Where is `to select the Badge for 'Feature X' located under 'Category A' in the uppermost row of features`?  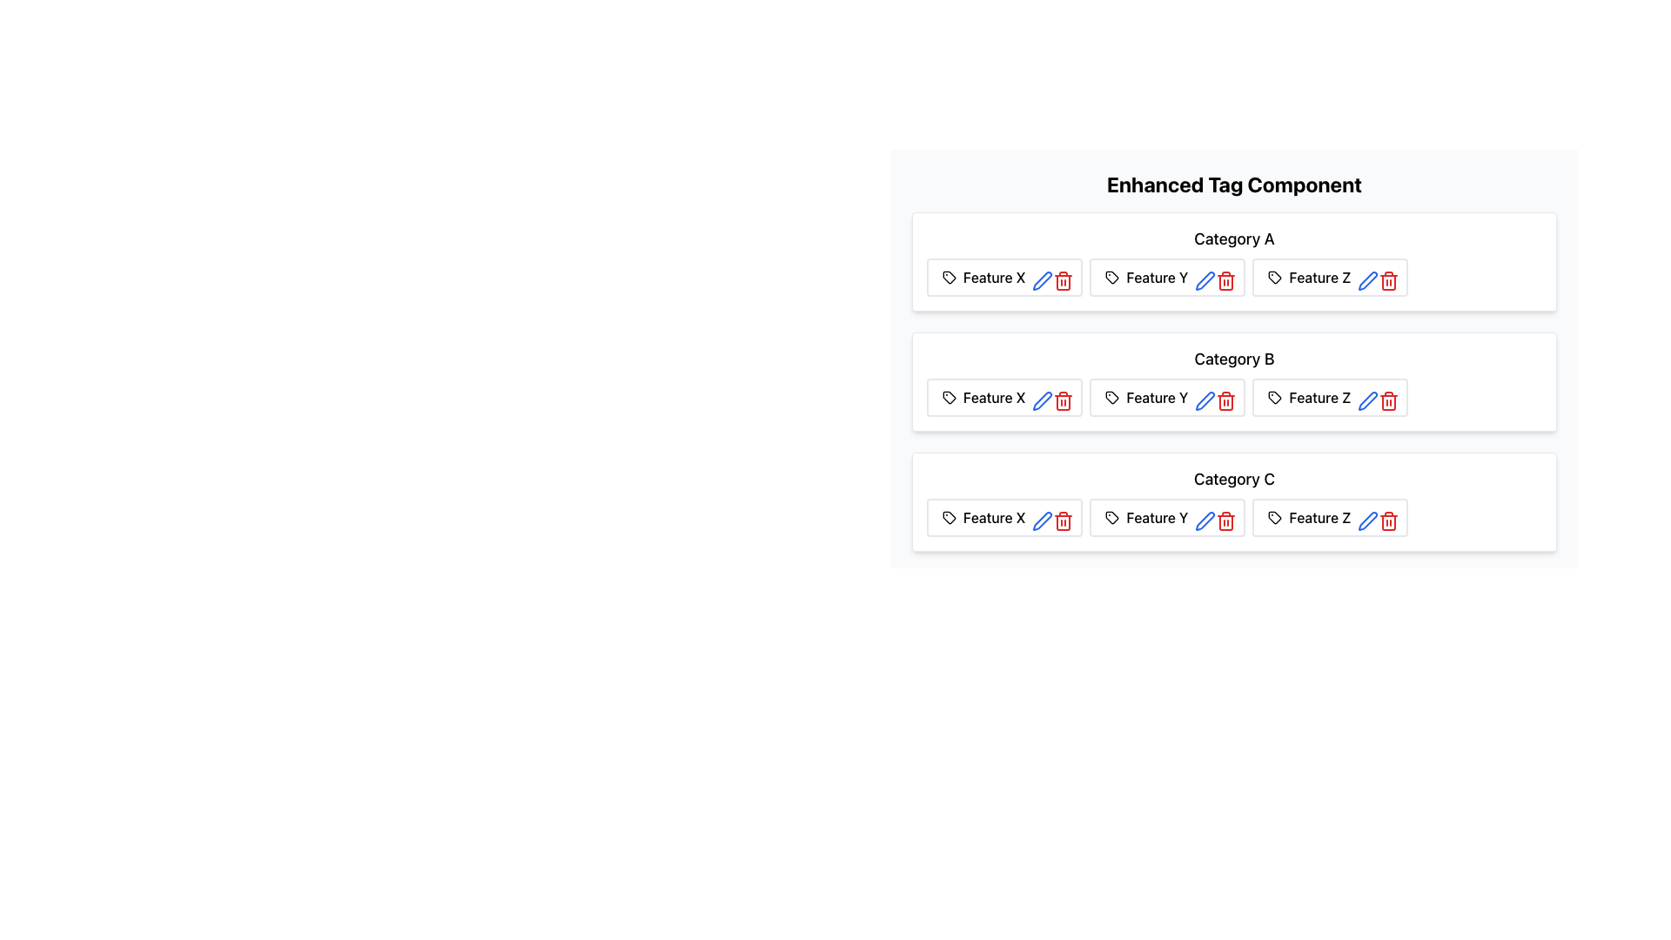 to select the Badge for 'Feature X' located under 'Category A' in the uppermost row of features is located at coordinates (1004, 277).